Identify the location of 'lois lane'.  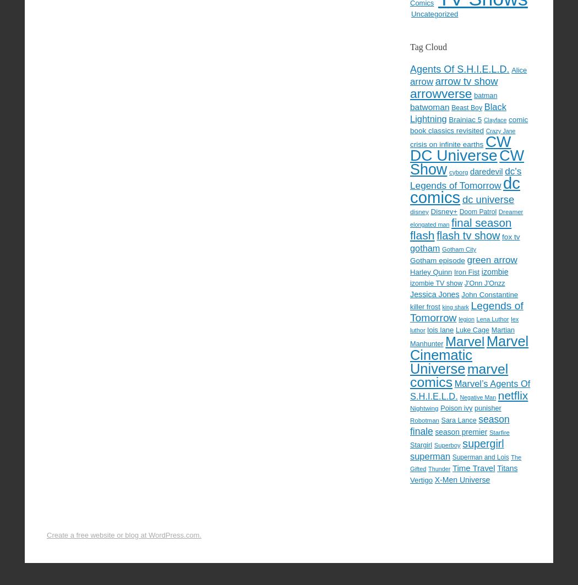
(439, 329).